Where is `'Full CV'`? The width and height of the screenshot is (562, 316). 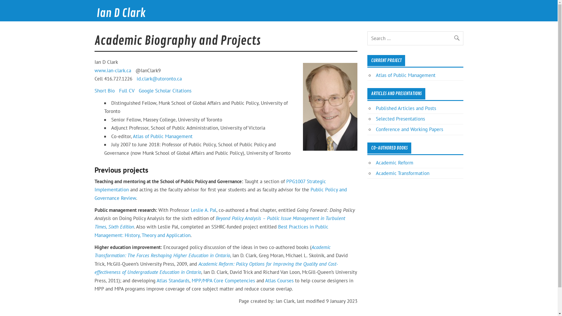 'Full CV' is located at coordinates (126, 90).